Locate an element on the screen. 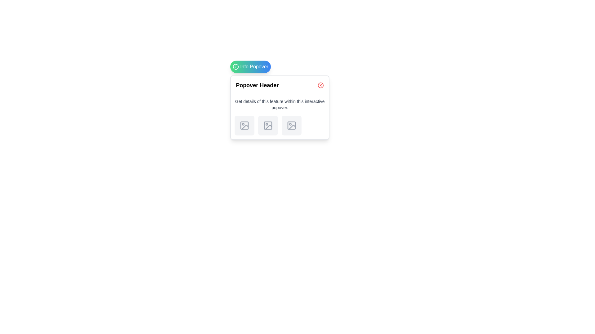  the second icon representing an image or photo functionality, which features a mountain and sun symbol in grayscale within a rounded square shape is located at coordinates (268, 125).